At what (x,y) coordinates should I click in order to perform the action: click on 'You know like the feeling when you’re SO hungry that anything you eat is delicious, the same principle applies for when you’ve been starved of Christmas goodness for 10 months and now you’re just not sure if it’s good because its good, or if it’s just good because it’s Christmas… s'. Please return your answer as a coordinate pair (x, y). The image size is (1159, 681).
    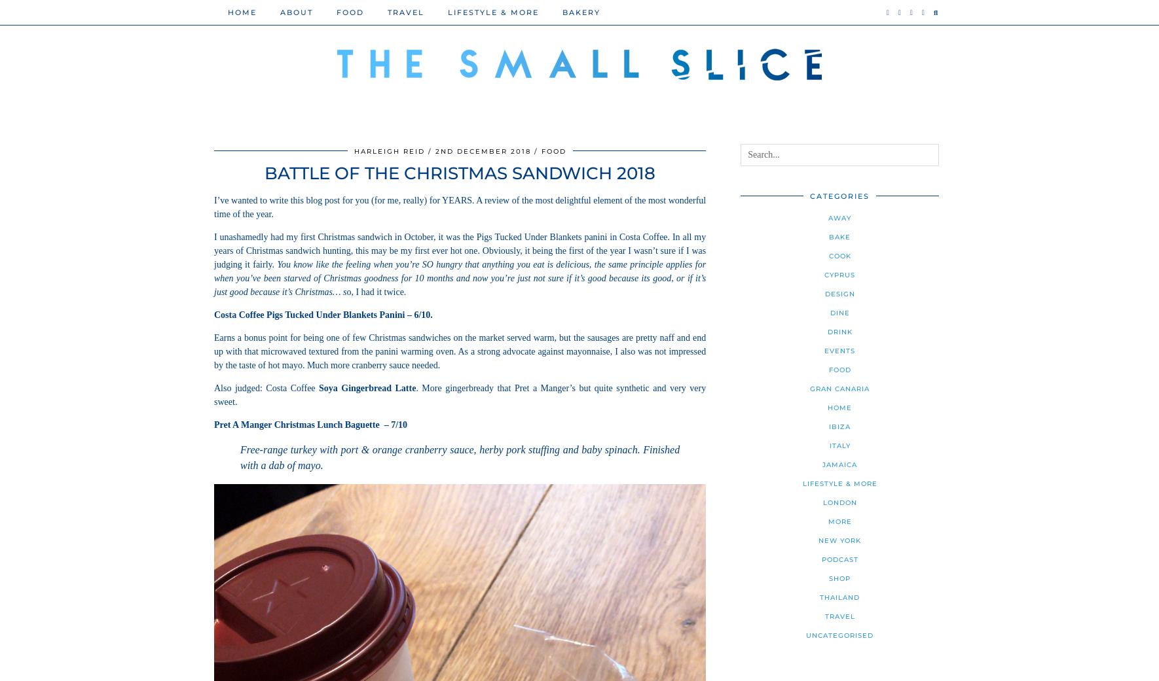
    Looking at the image, I should click on (459, 277).